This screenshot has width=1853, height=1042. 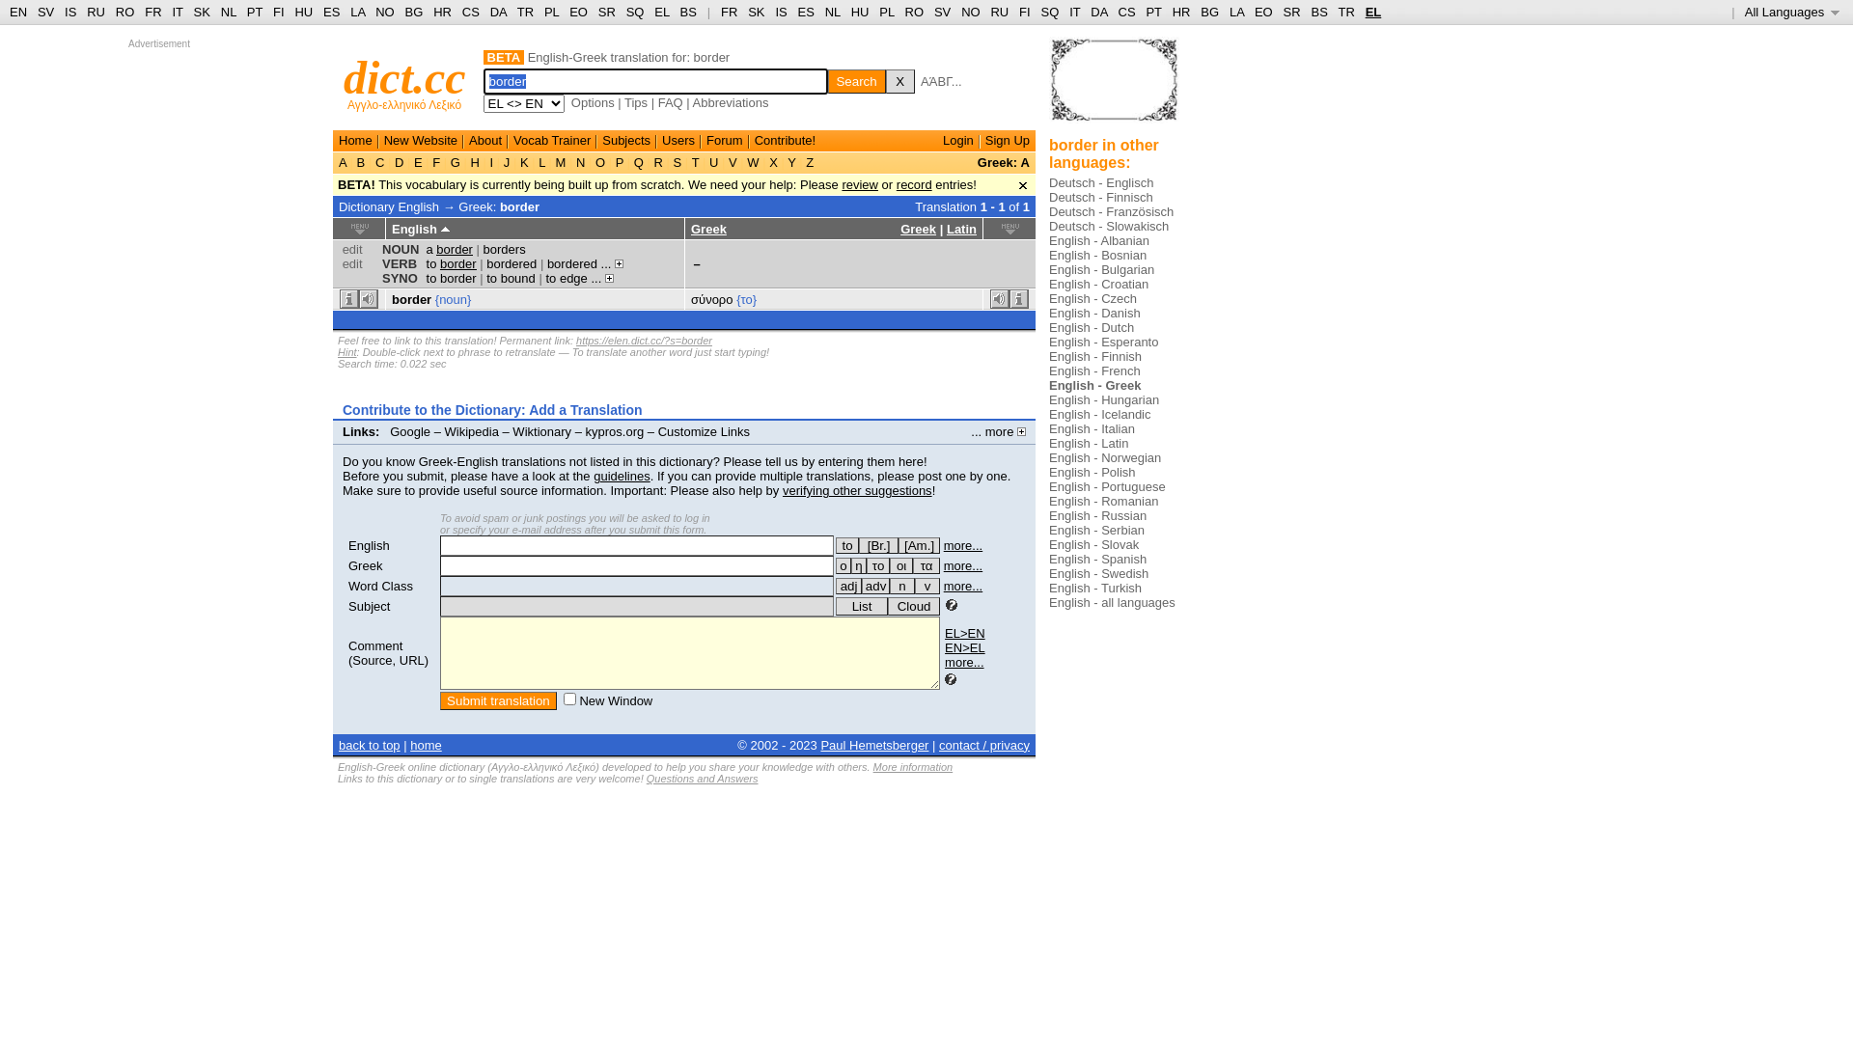 I want to click on 'BS', so click(x=688, y=12).